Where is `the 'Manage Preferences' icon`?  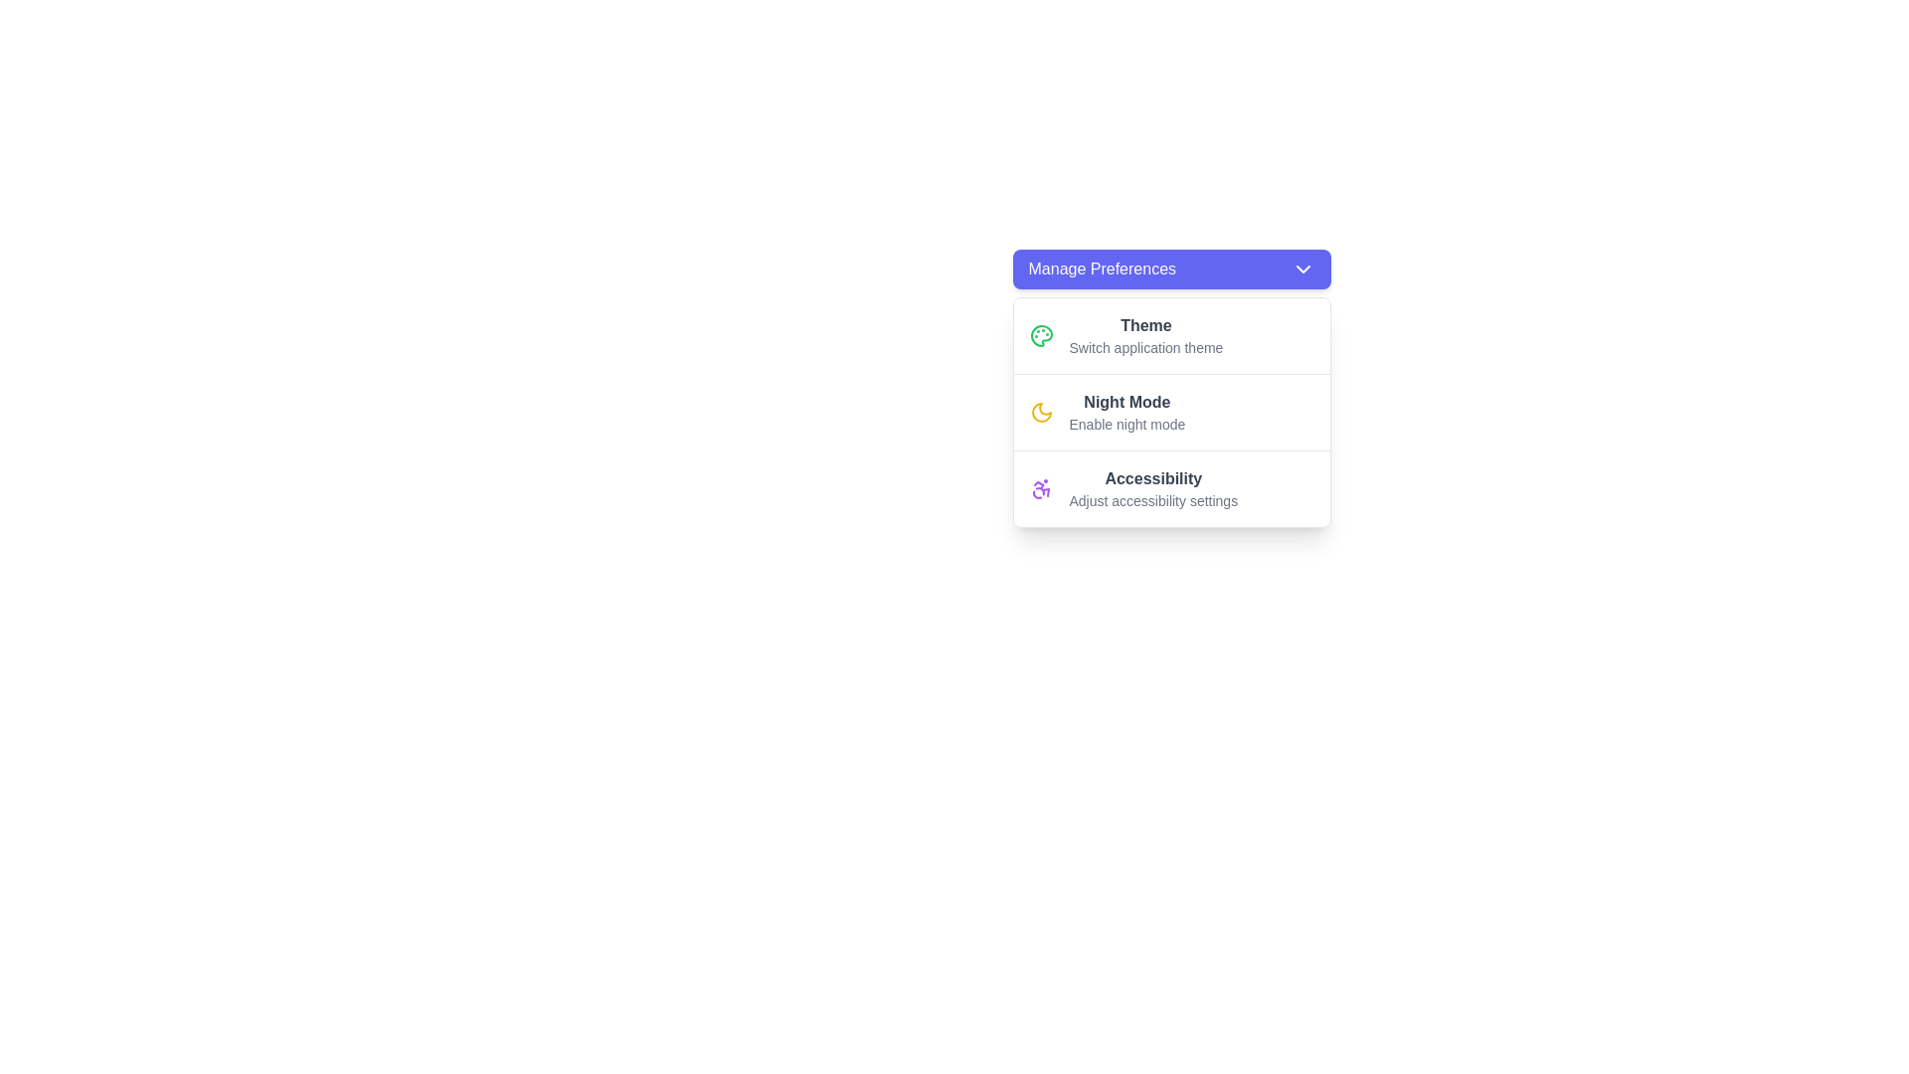
the 'Manage Preferences' icon is located at coordinates (1302, 268).